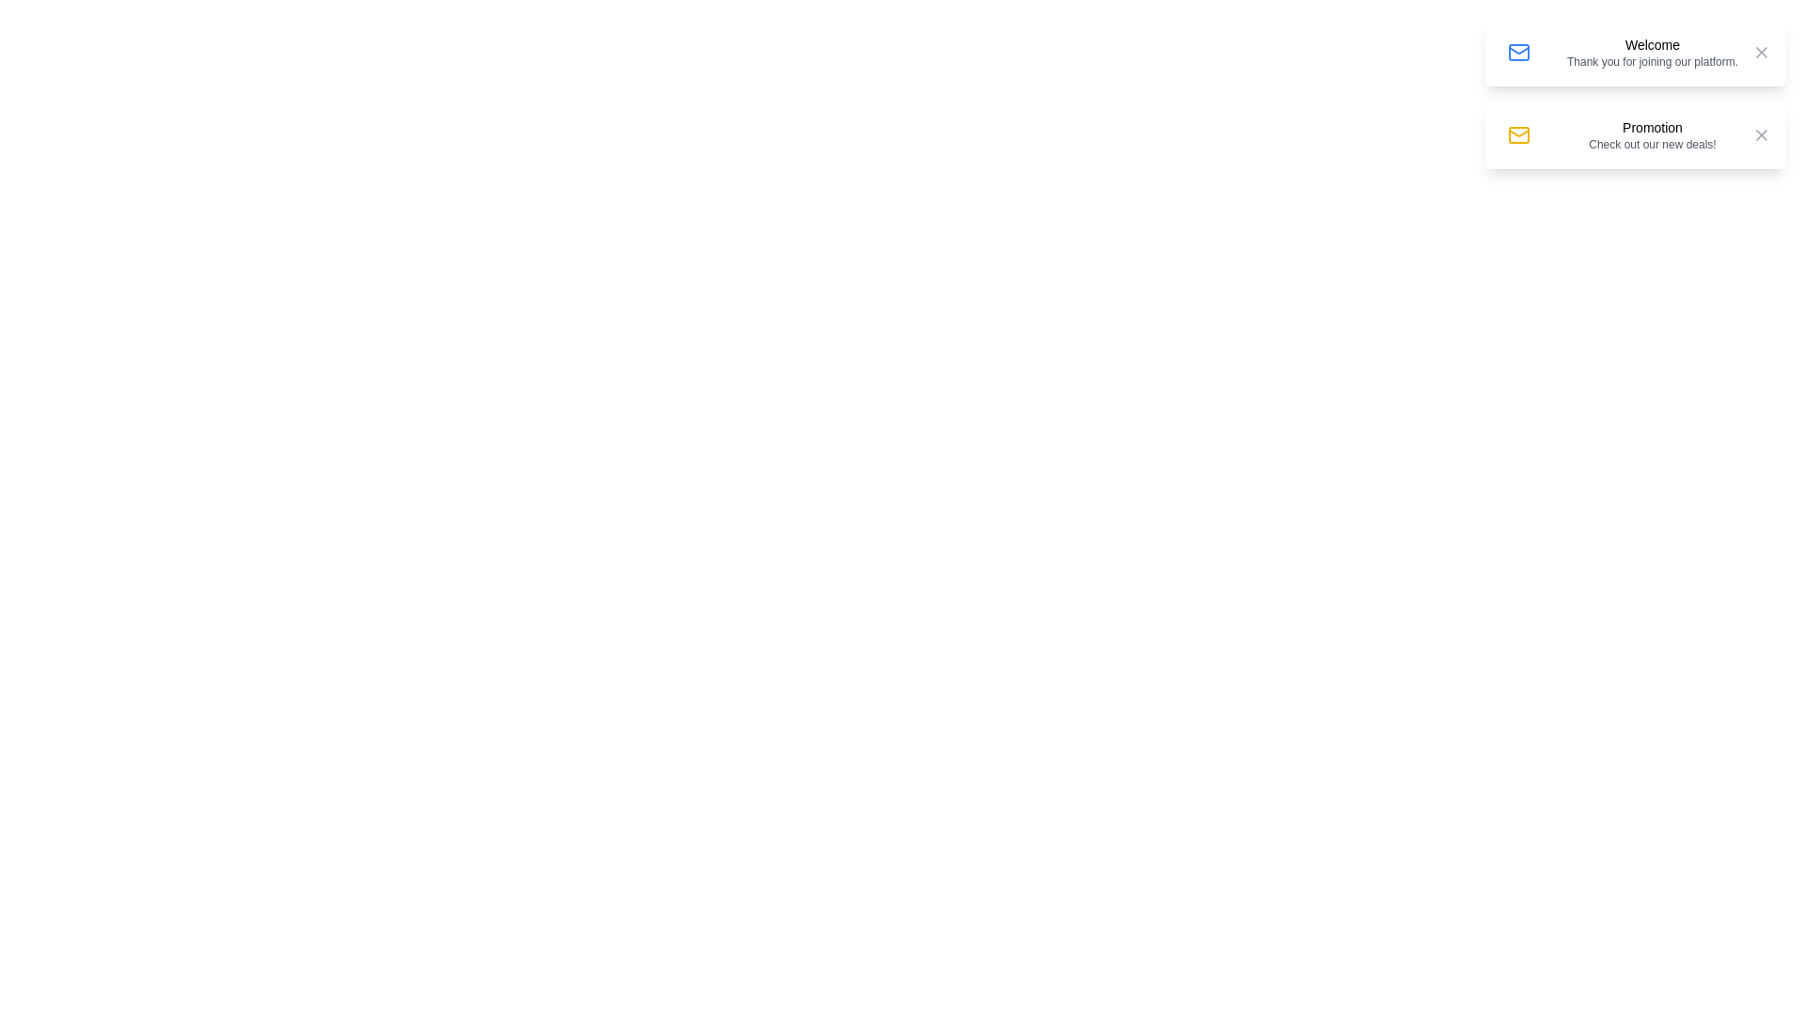 The height and width of the screenshot is (1015, 1805). Describe the element at coordinates (1519, 133) in the screenshot. I see `the mail or message notification icon located within the 'Promotion' notification card, positioned to the left of the text content` at that location.